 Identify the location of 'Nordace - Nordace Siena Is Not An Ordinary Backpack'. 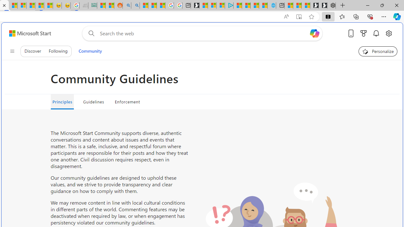
(331, 5).